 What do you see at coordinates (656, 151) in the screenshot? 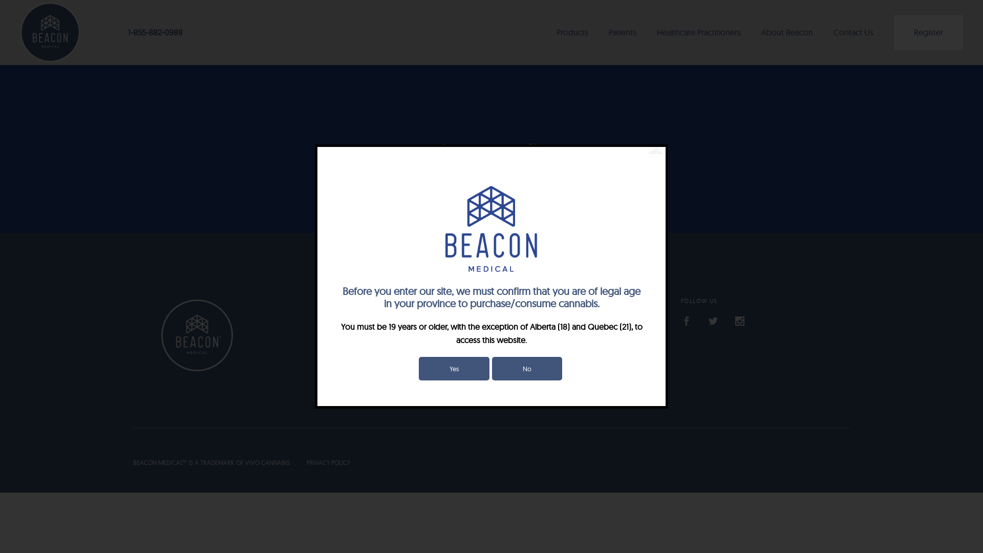
I see `'Close'` at bounding box center [656, 151].